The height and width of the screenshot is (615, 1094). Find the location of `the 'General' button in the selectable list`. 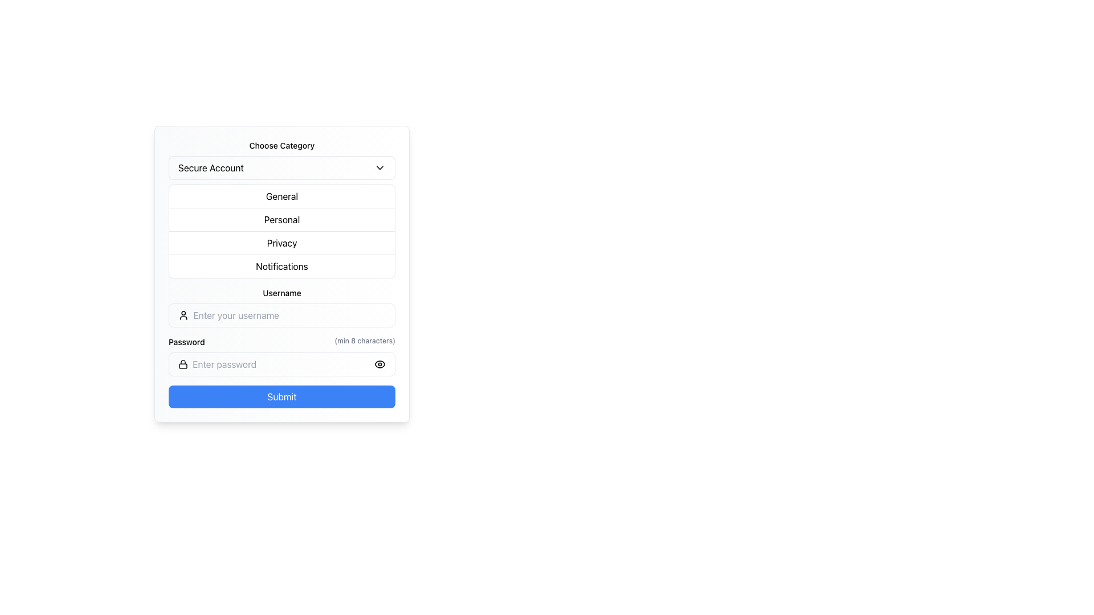

the 'General' button in the selectable list is located at coordinates (281, 195).